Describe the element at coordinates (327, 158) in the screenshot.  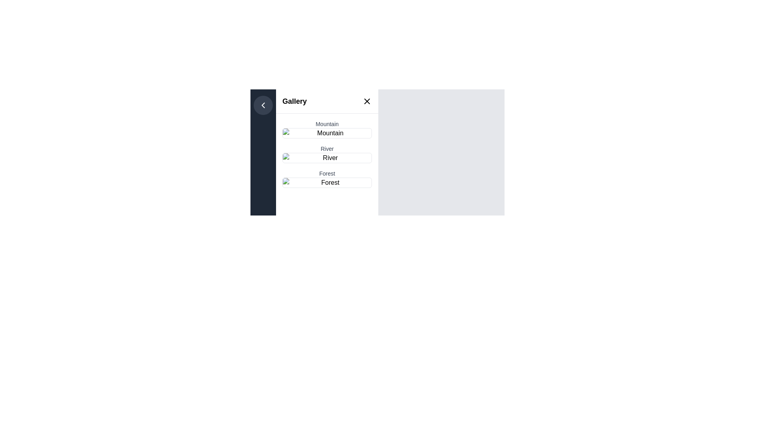
I see `the 'River' image placeholder located in the gallery-style interface, which is the second item in a vertical list, positioned between 'Mountain' and 'Forest'` at that location.